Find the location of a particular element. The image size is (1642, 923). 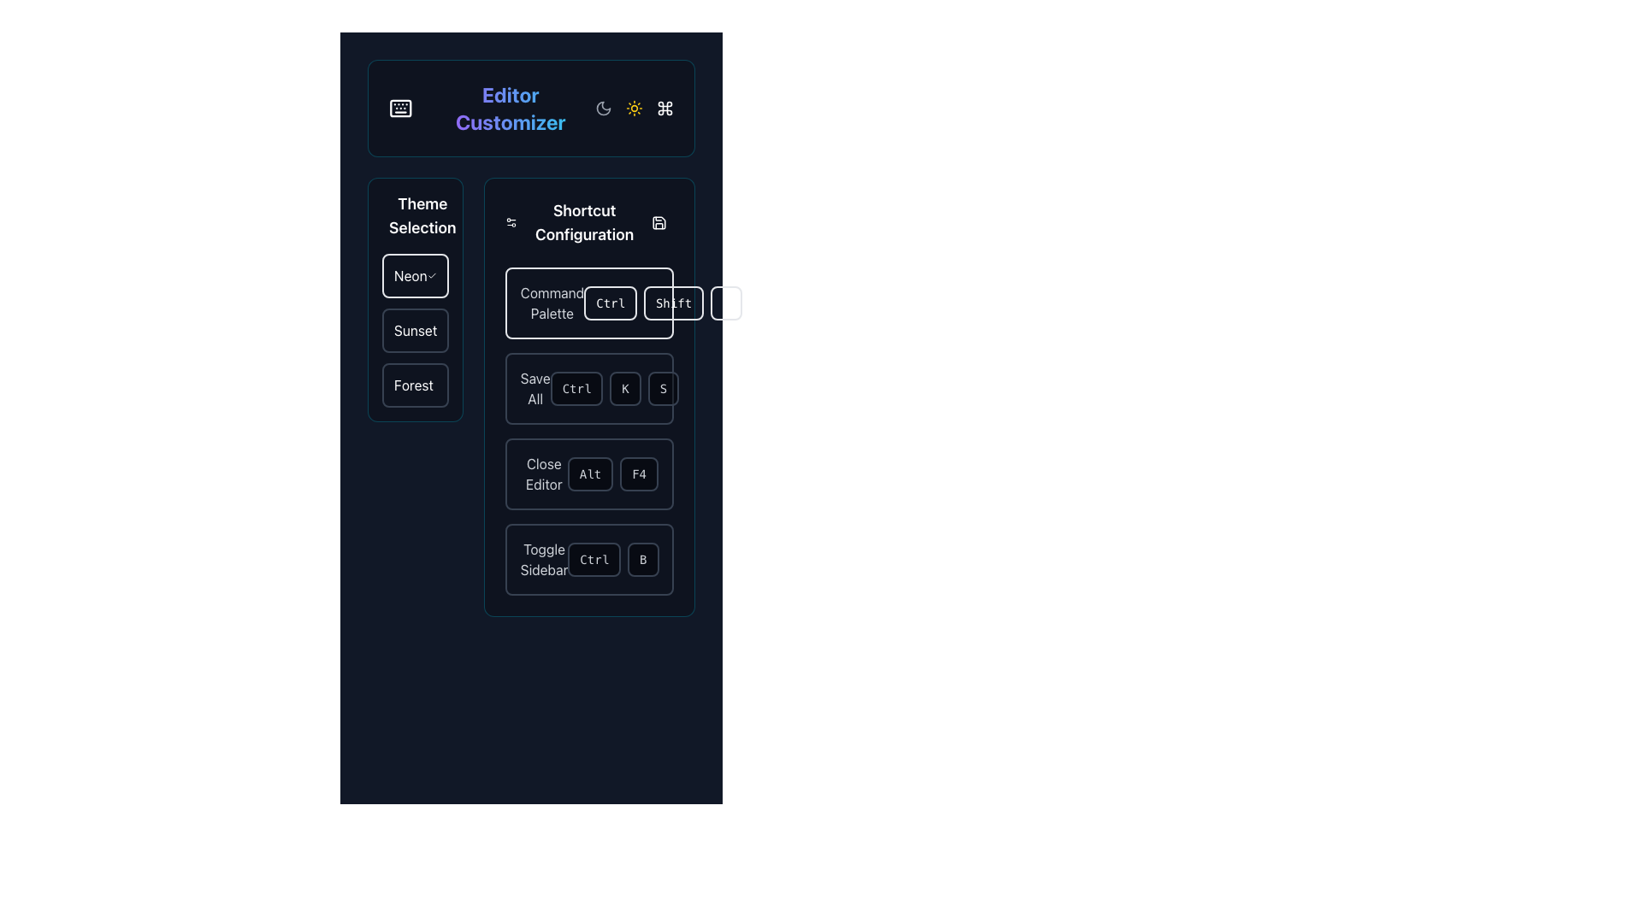

the 'Ctrl' button located in the shortcut configuration section to simulate pressing 'Ctrl' is located at coordinates (589, 389).